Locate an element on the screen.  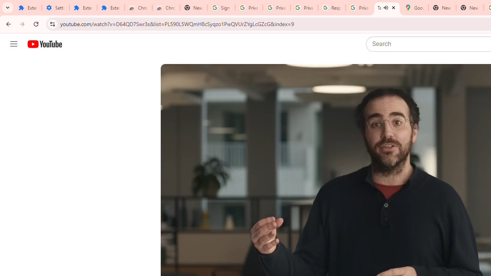
'Chrome Web Store - Themes' is located at coordinates (165, 8).